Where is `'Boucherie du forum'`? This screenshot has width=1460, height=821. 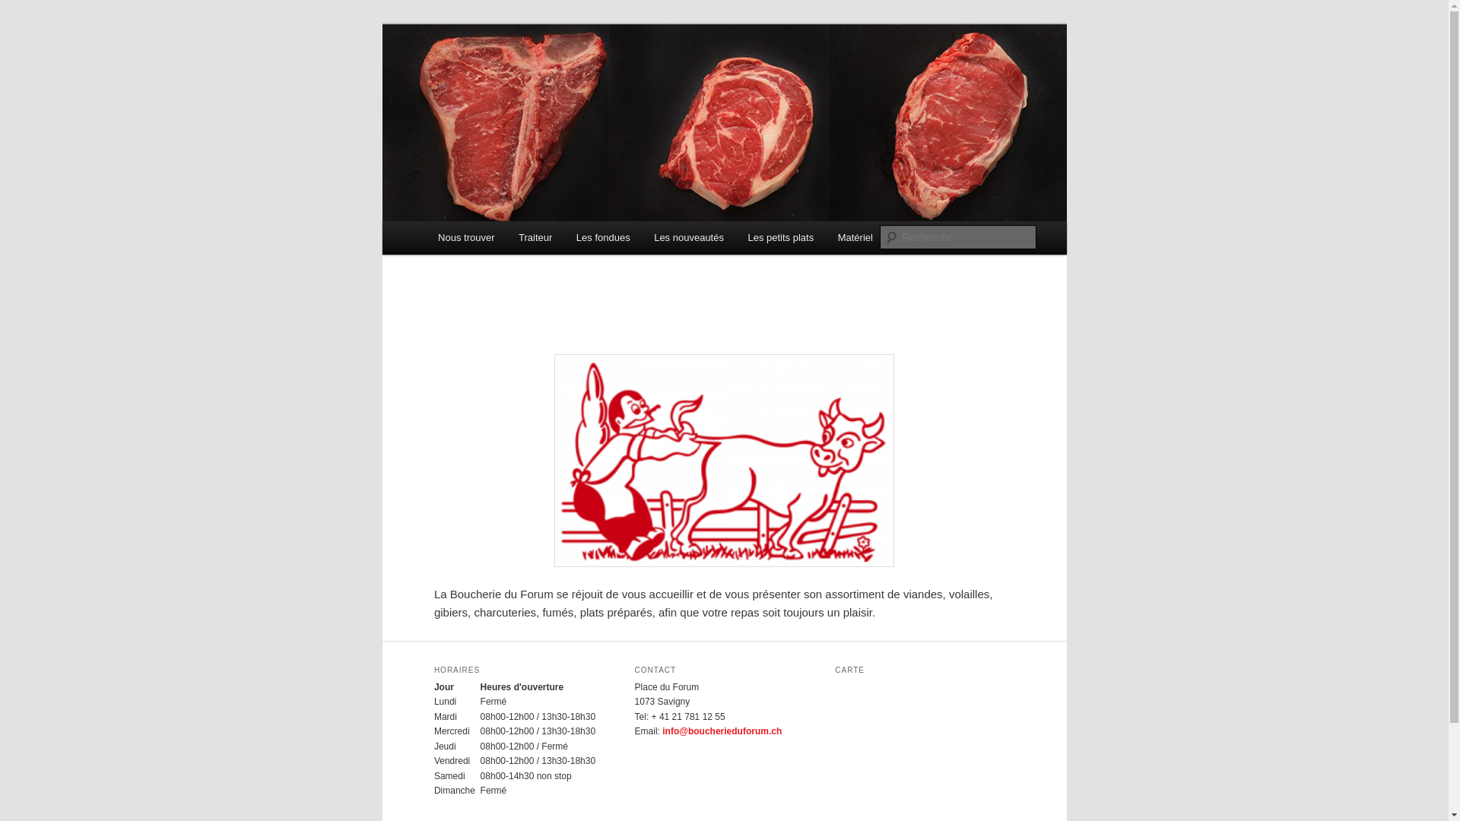 'Boucherie du forum' is located at coordinates (542, 79).